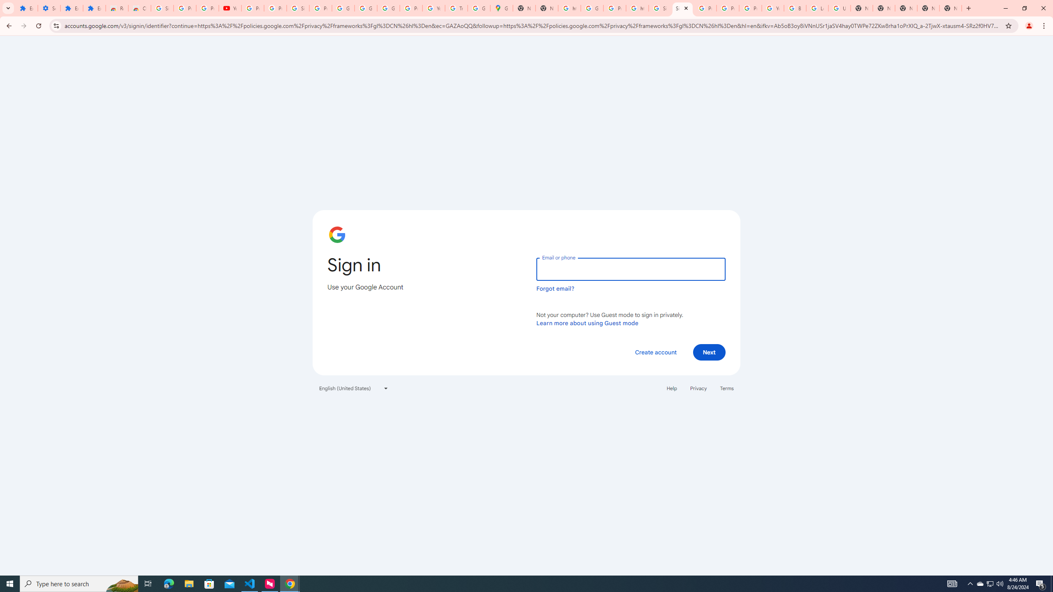  What do you see at coordinates (555, 288) in the screenshot?
I see `'Forgot email?'` at bounding box center [555, 288].